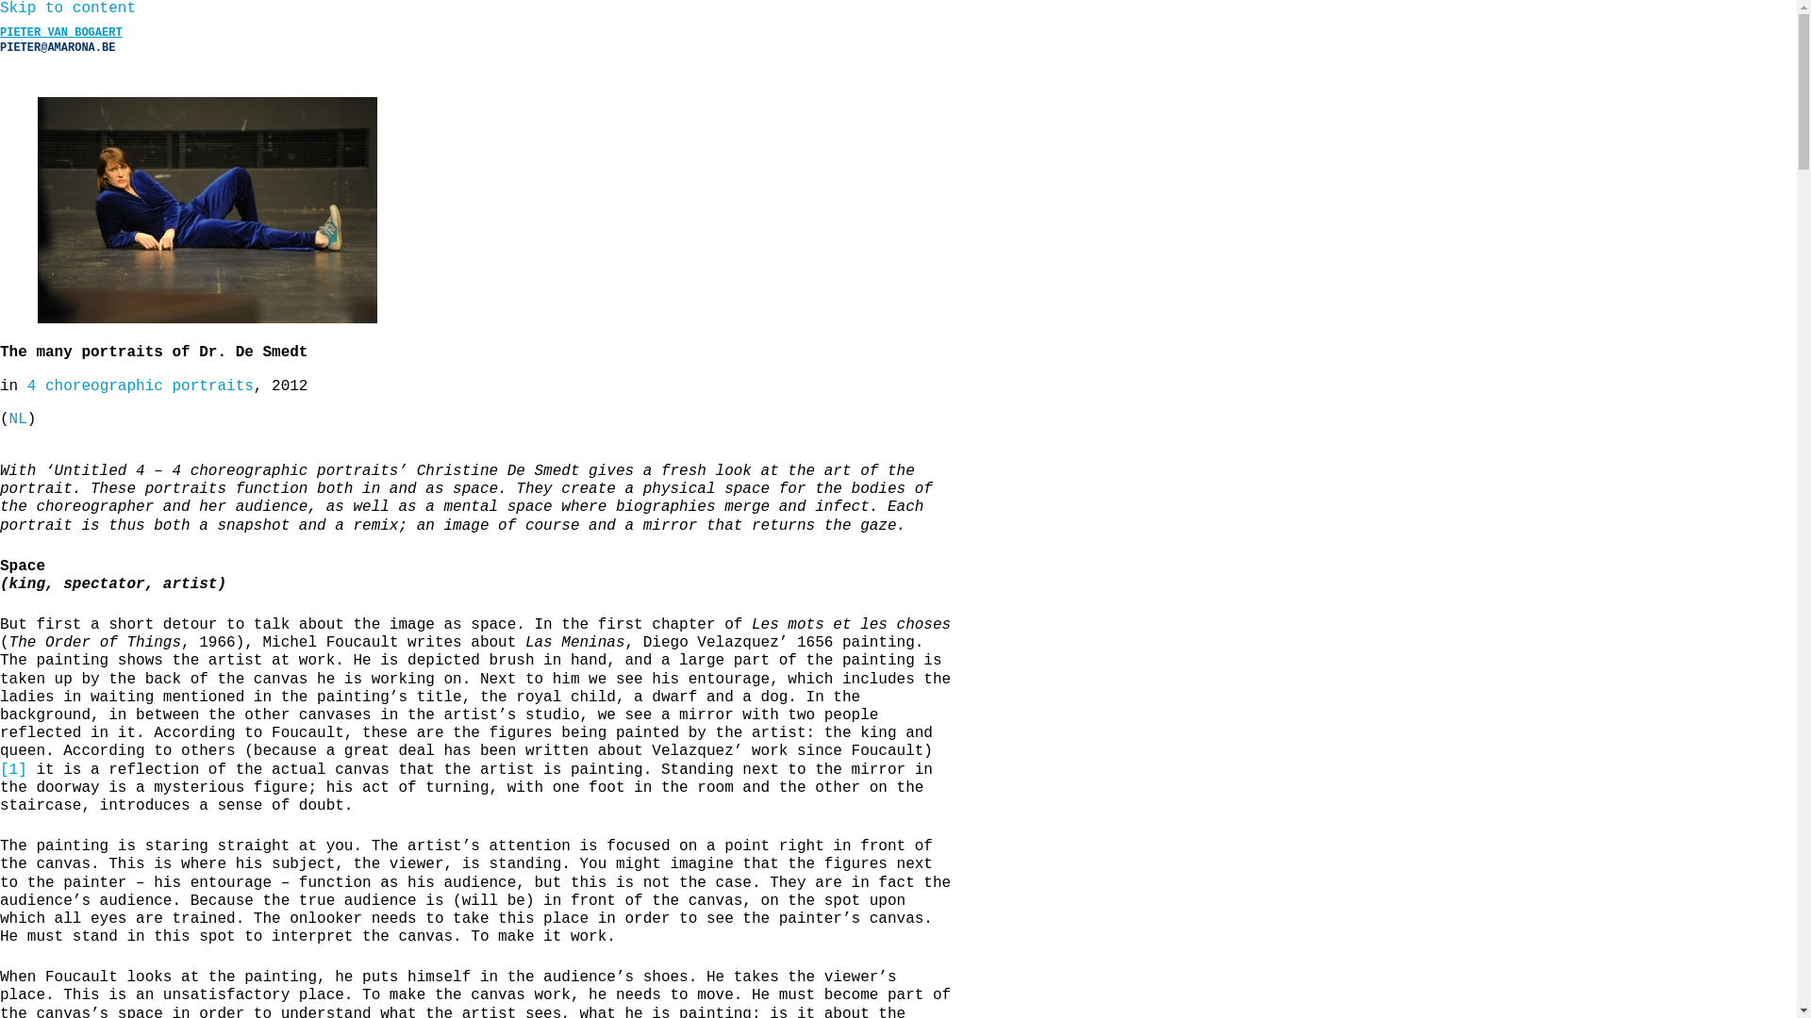 The width and height of the screenshot is (1811, 1018). What do you see at coordinates (68, 8) in the screenshot?
I see `'Skip to content'` at bounding box center [68, 8].